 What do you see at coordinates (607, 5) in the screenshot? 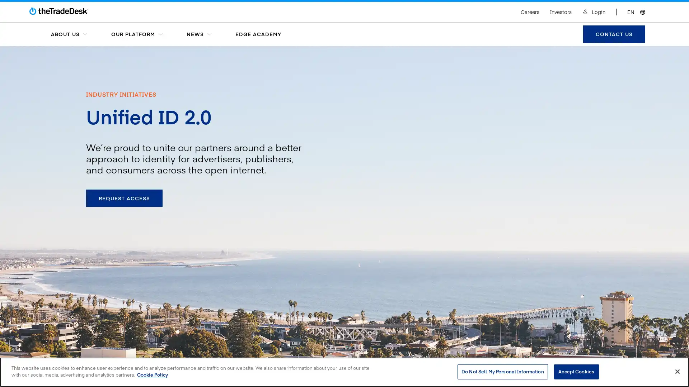
I see `Espanol` at bounding box center [607, 5].